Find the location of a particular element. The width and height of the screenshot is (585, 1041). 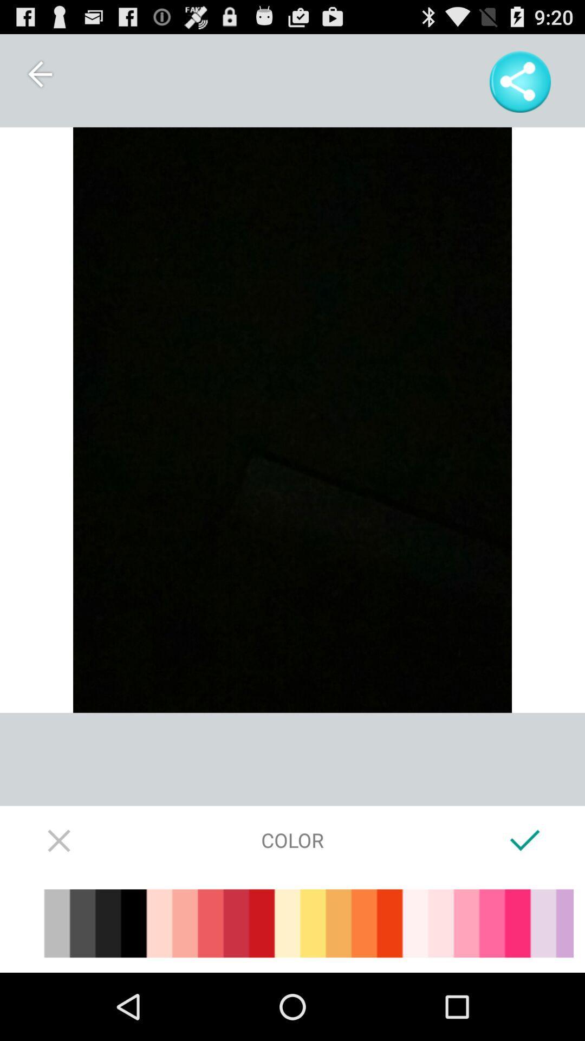

the arrow_backward icon is located at coordinates (39, 79).